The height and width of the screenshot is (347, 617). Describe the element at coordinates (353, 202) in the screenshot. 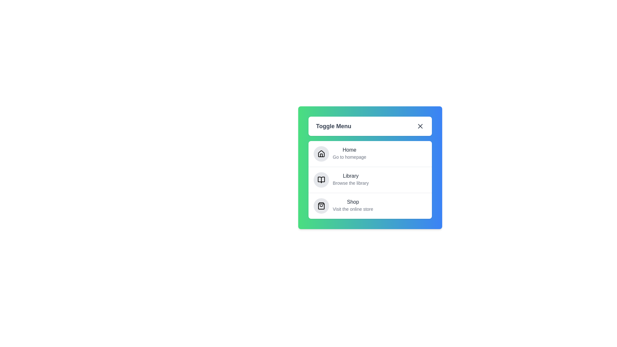

I see `the menu option Shop` at that location.